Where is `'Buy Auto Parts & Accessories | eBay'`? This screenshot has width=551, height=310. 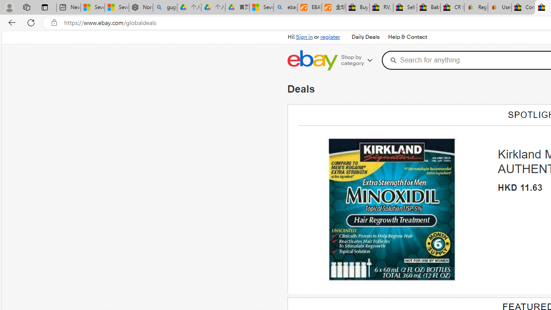 'Buy Auto Parts & Accessories | eBay' is located at coordinates (357, 7).